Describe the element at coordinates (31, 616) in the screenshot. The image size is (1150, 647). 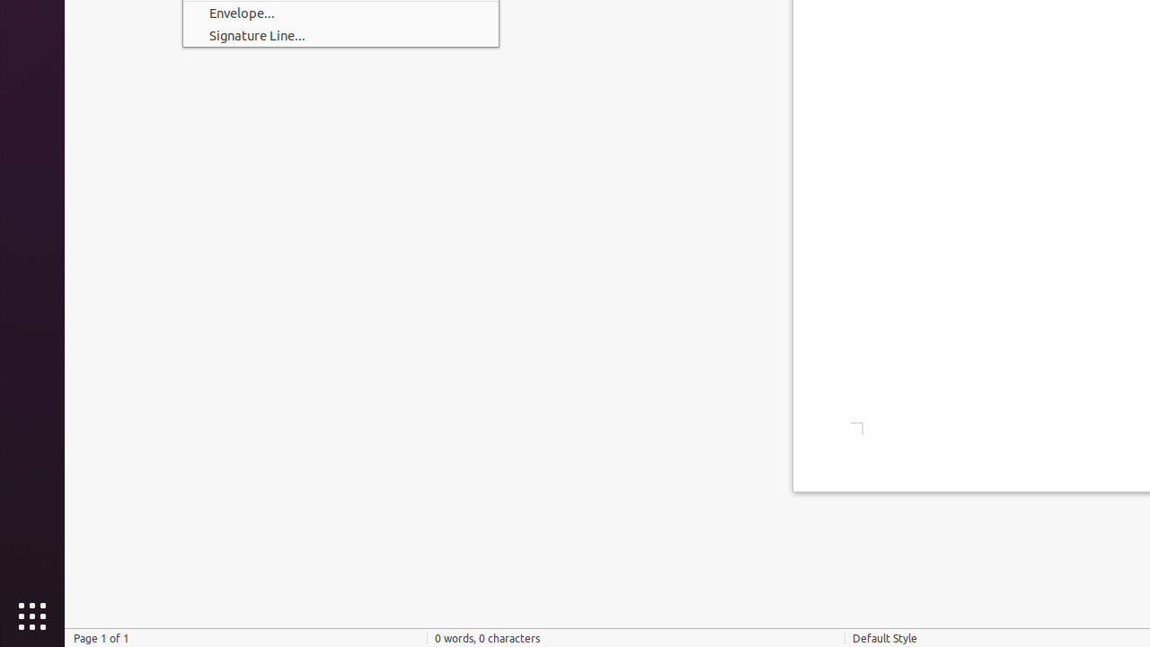
I see `'Show Applications'` at that location.